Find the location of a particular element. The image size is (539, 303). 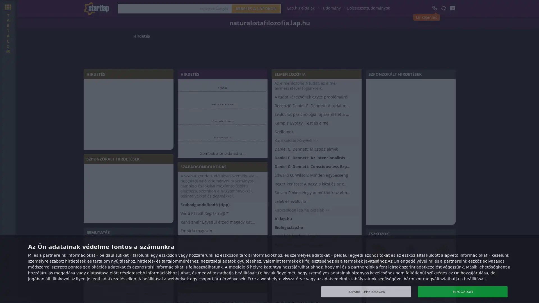

ELFOGADOM is located at coordinates (462, 291).